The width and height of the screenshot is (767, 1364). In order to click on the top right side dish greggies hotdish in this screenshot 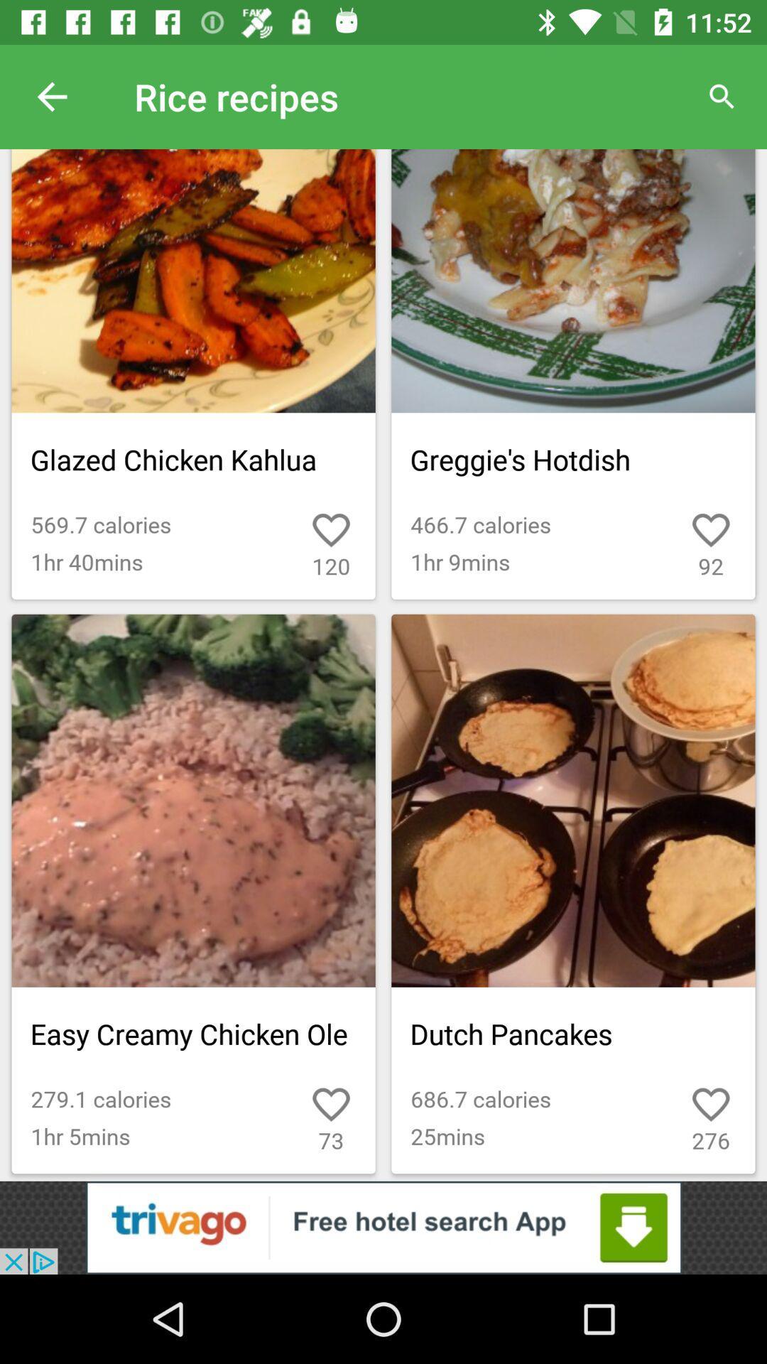, I will do `click(572, 281)`.